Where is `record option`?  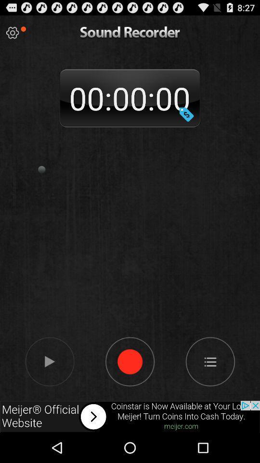
record option is located at coordinates (130, 361).